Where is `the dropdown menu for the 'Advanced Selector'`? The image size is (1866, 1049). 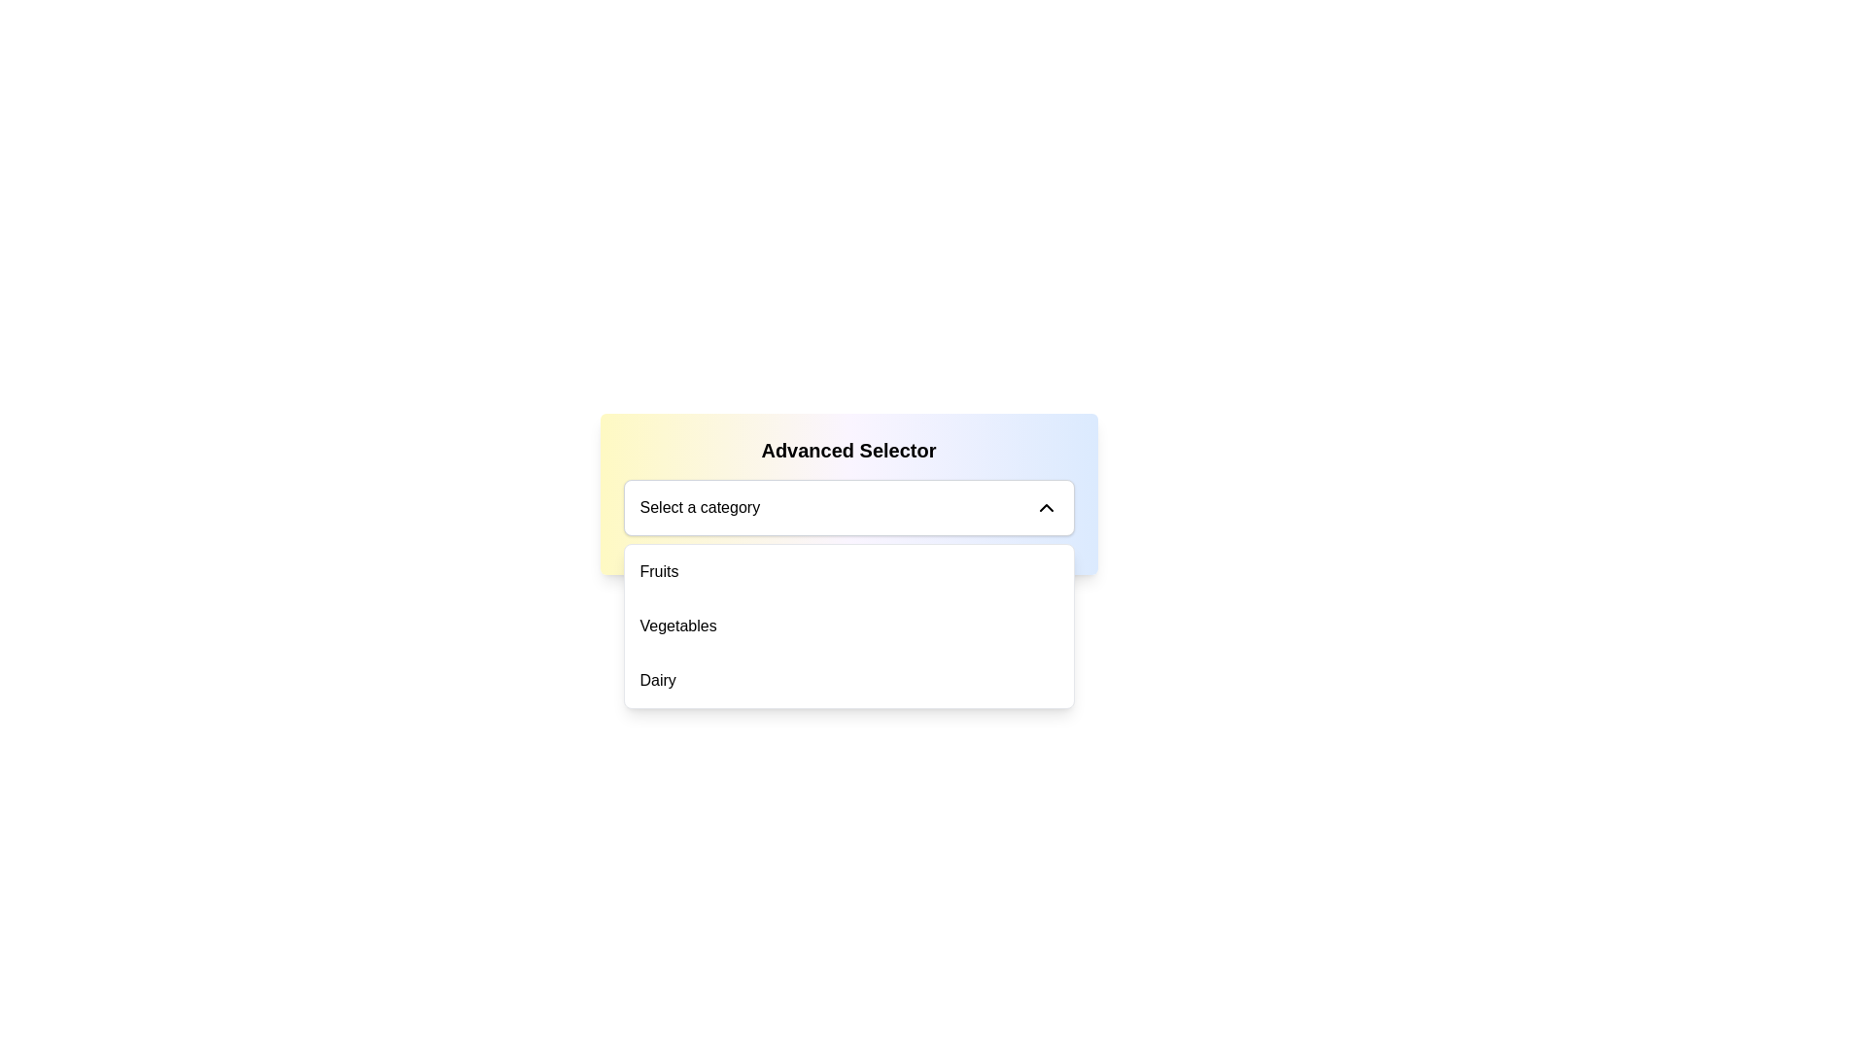 the dropdown menu for the 'Advanced Selector' is located at coordinates (848, 507).